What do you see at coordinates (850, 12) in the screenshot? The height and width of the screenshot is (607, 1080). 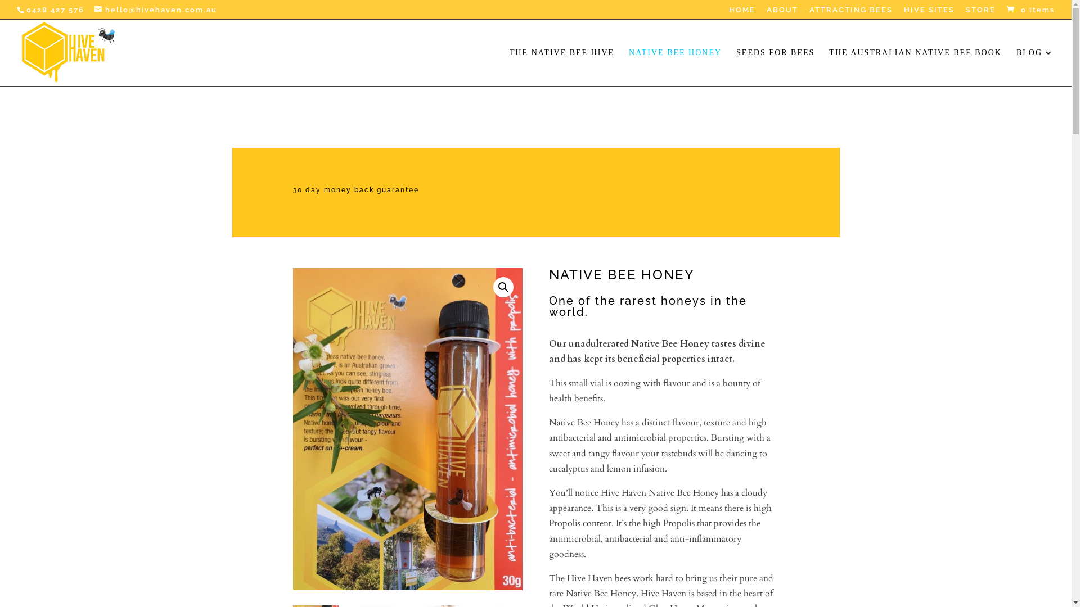 I see `'ATTRACTING BEES'` at bounding box center [850, 12].